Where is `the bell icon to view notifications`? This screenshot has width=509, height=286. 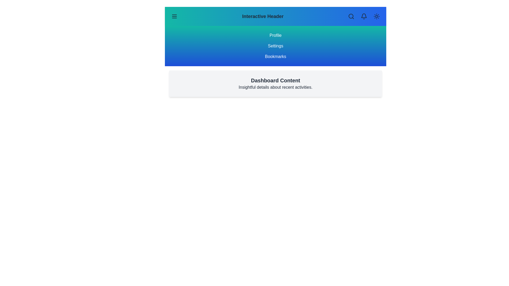 the bell icon to view notifications is located at coordinates (363, 16).